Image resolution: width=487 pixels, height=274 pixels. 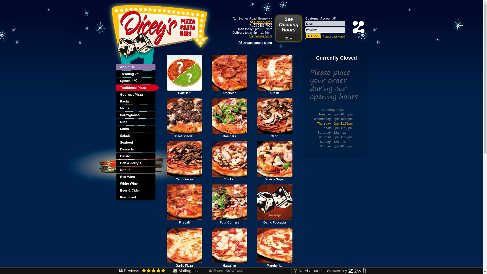 I want to click on 'Seafood', so click(x=116, y=143).